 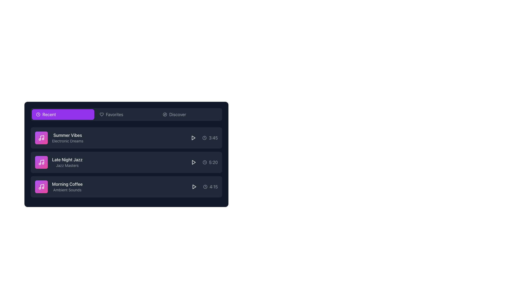 What do you see at coordinates (126, 162) in the screenshot?
I see `the List item representing the media entry titled 'Late Night Jazz'` at bounding box center [126, 162].